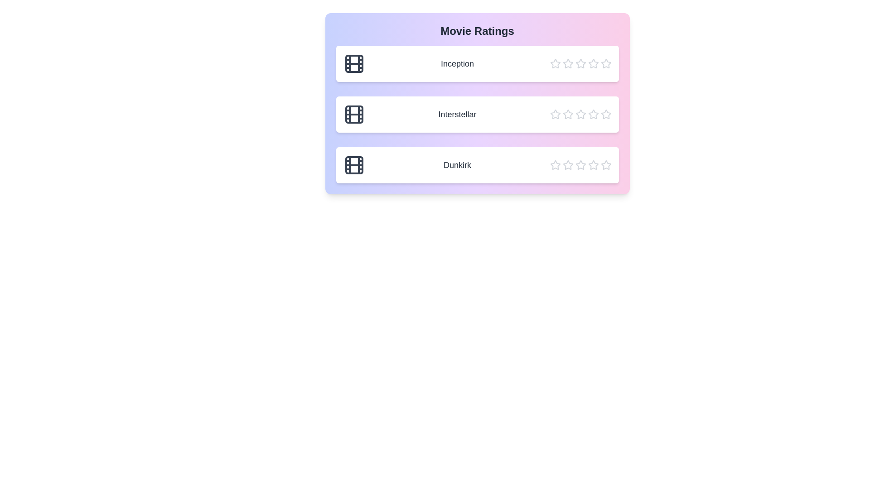 Image resolution: width=870 pixels, height=489 pixels. What do you see at coordinates (606, 63) in the screenshot?
I see `the star corresponding to the rating 5` at bounding box center [606, 63].